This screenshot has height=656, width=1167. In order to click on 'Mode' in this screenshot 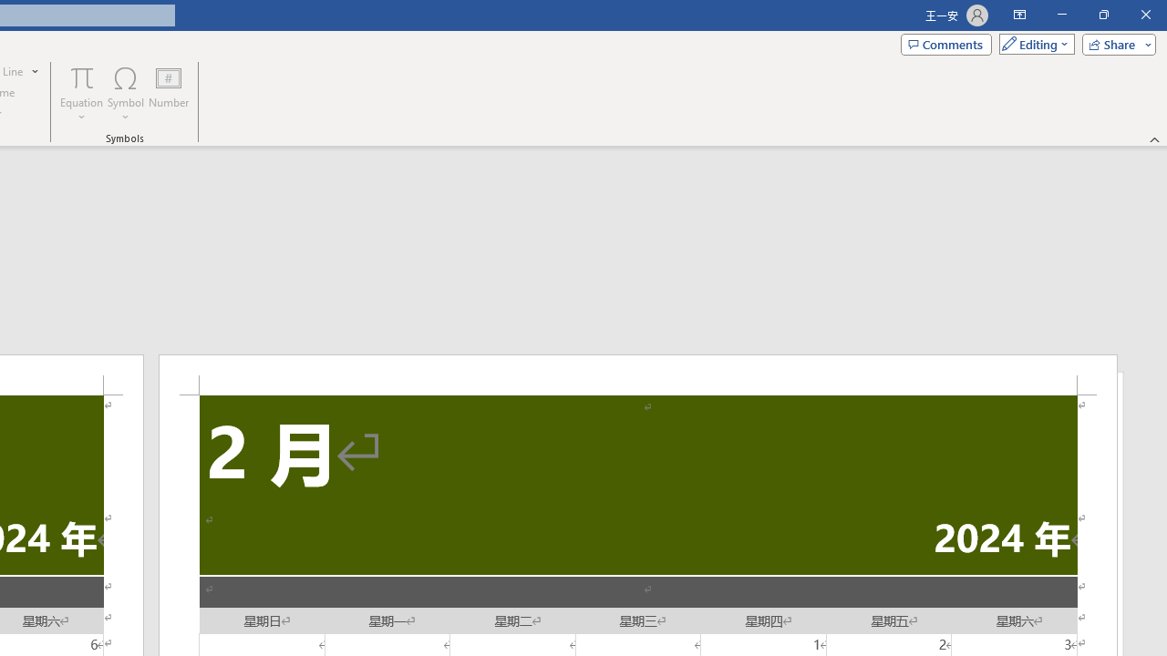, I will do `click(1033, 43)`.